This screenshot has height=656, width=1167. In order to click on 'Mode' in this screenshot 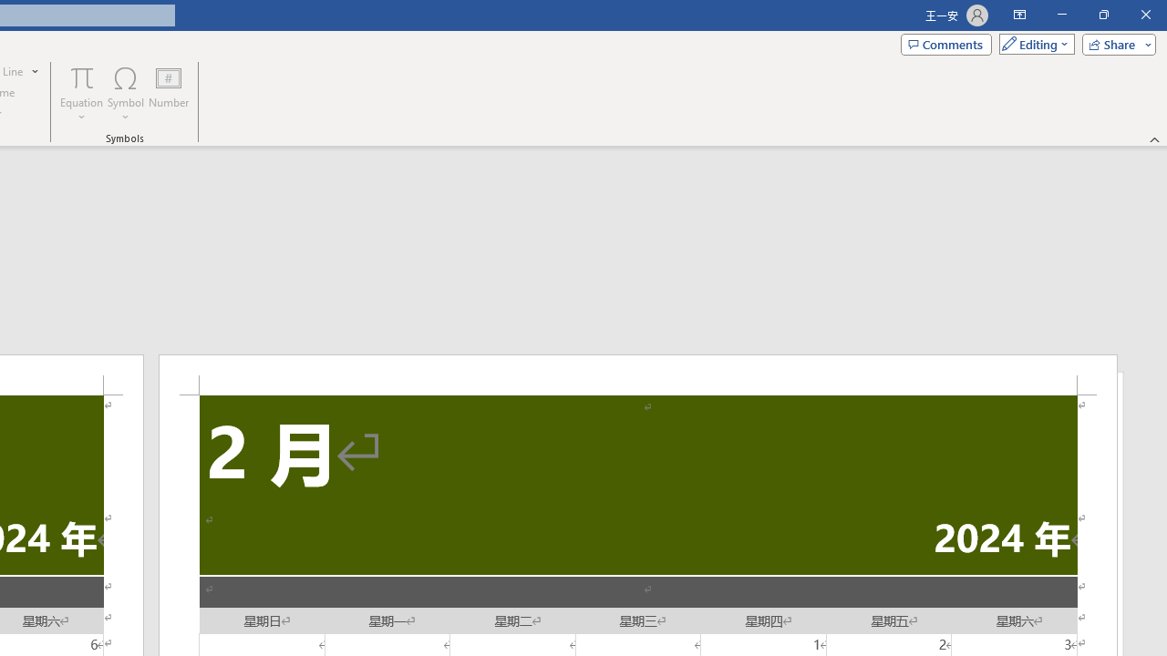, I will do `click(1033, 43)`.